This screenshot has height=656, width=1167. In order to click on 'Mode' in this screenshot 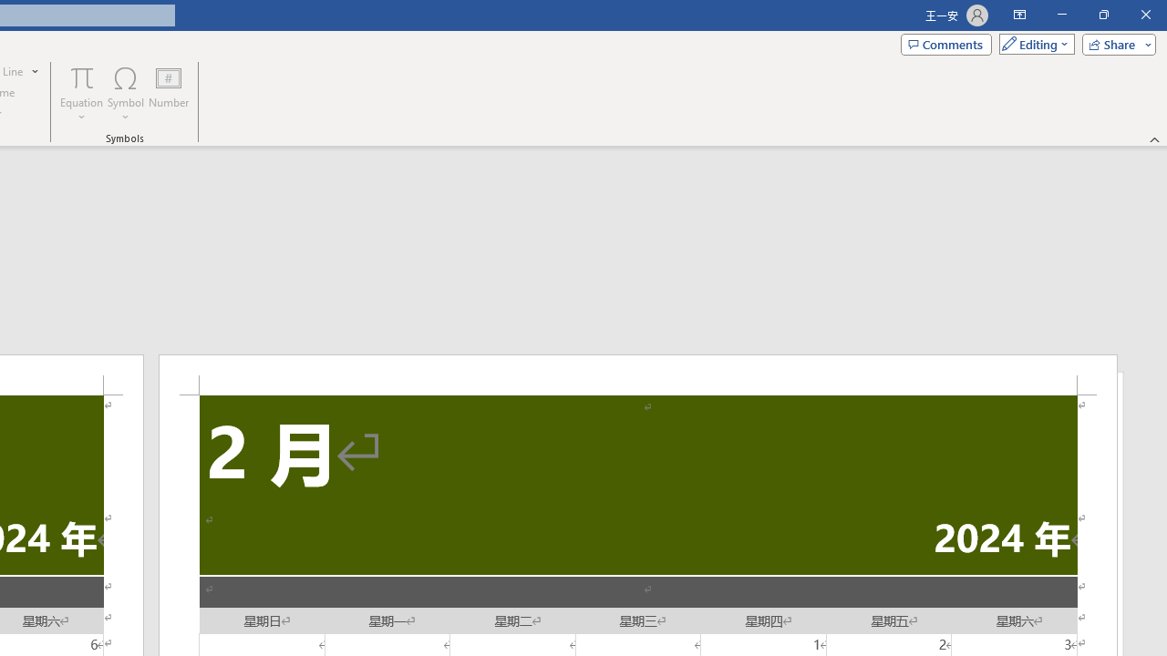, I will do `click(1033, 43)`.